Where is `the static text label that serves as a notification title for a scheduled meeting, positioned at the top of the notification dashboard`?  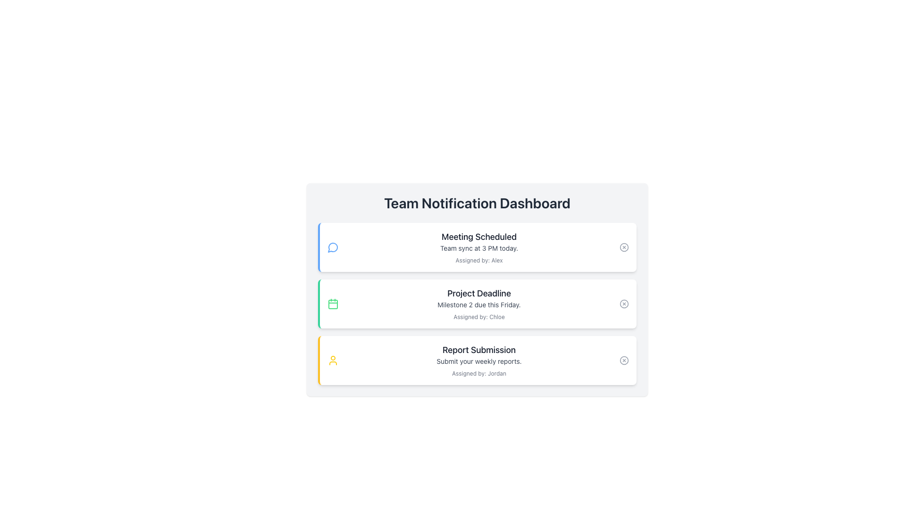 the static text label that serves as a notification title for a scheduled meeting, positioned at the top of the notification dashboard is located at coordinates (479, 236).